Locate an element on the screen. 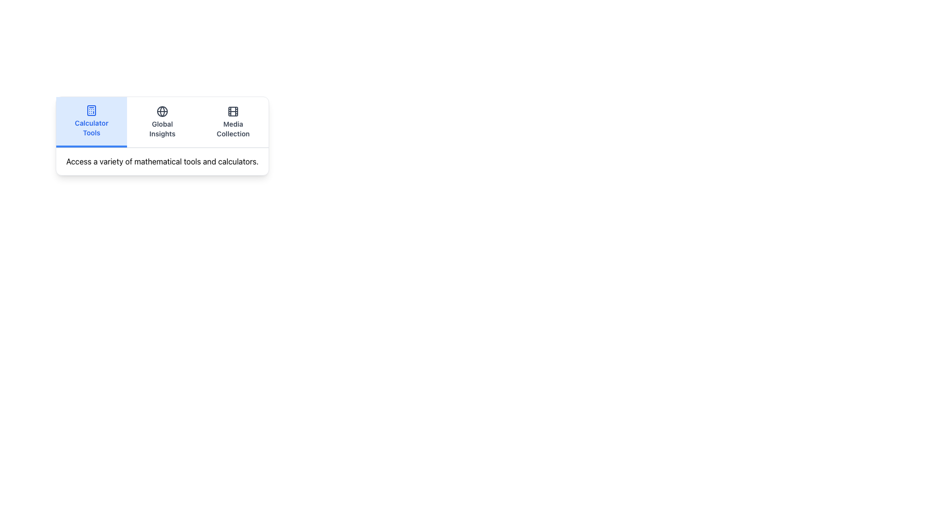 The image size is (931, 524). on the 'Media Collection' button, which is a rectangular button with a film grid icon and dark gray text on a white background, located on the right-hand side of the menu group at the top of the interface is located at coordinates (233, 121).